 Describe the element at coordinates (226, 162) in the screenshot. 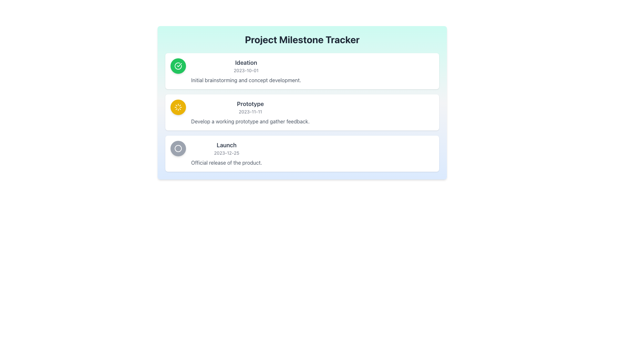

I see `text content of the gray text element that states 'Official release of the product.' located beneath the date '2023-12-25' in the 'Launch' milestone entry` at that location.